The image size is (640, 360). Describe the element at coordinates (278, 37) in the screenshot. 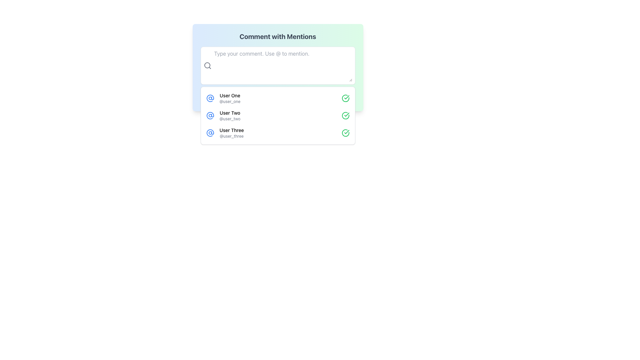

I see `the text heading 'Comment with Mentions' styled with a larger, bold font at the top center of the card layout` at that location.